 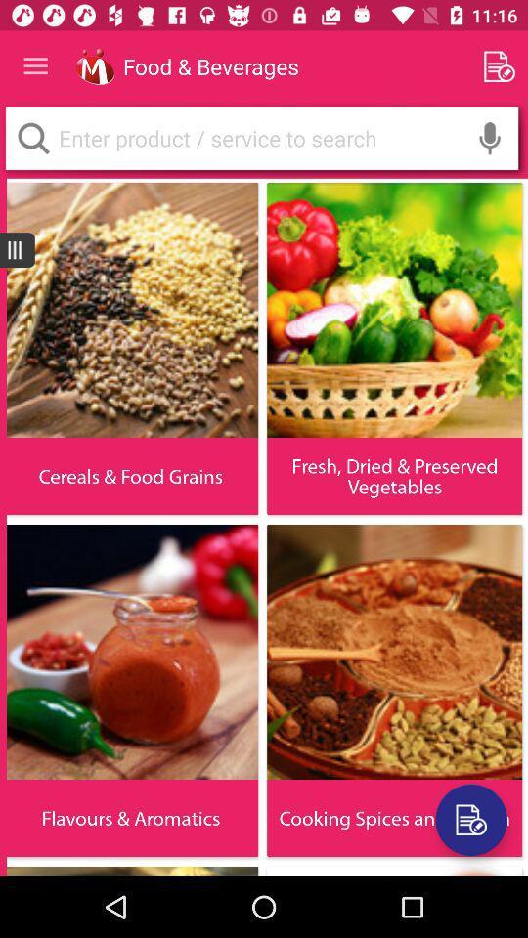 What do you see at coordinates (489, 137) in the screenshot?
I see `the microphone icon` at bounding box center [489, 137].